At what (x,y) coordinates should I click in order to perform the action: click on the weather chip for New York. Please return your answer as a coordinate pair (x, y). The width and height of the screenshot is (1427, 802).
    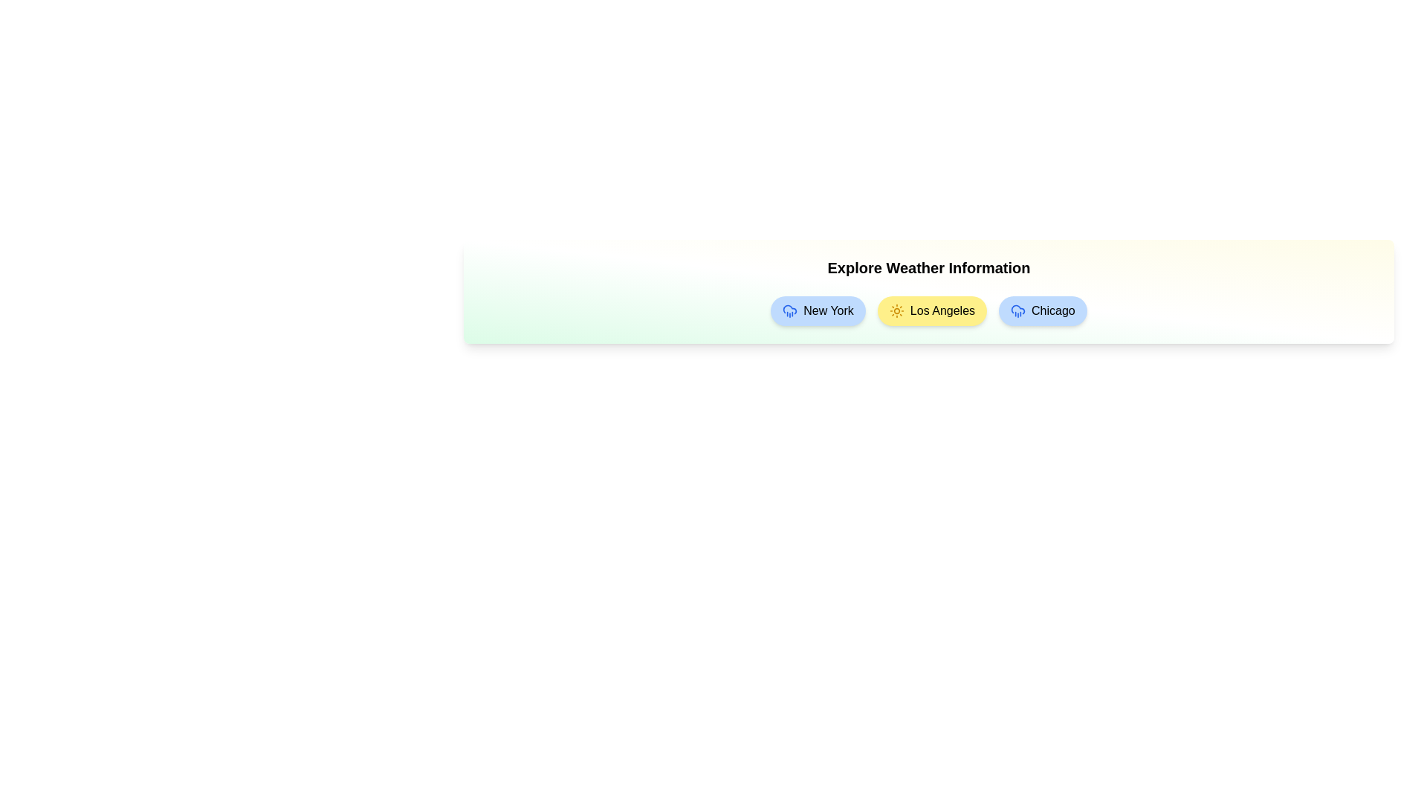
    Looking at the image, I should click on (817, 310).